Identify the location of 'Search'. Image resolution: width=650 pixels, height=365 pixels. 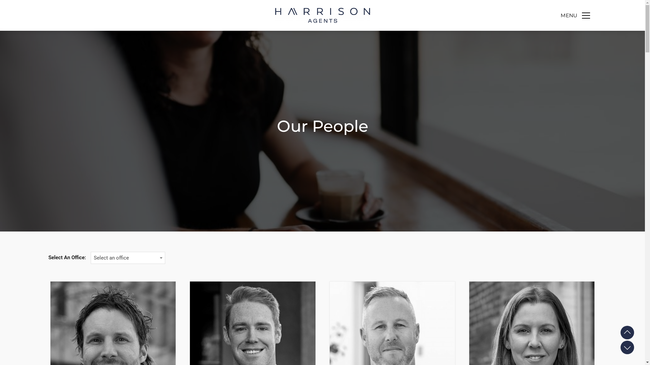
(573, 39).